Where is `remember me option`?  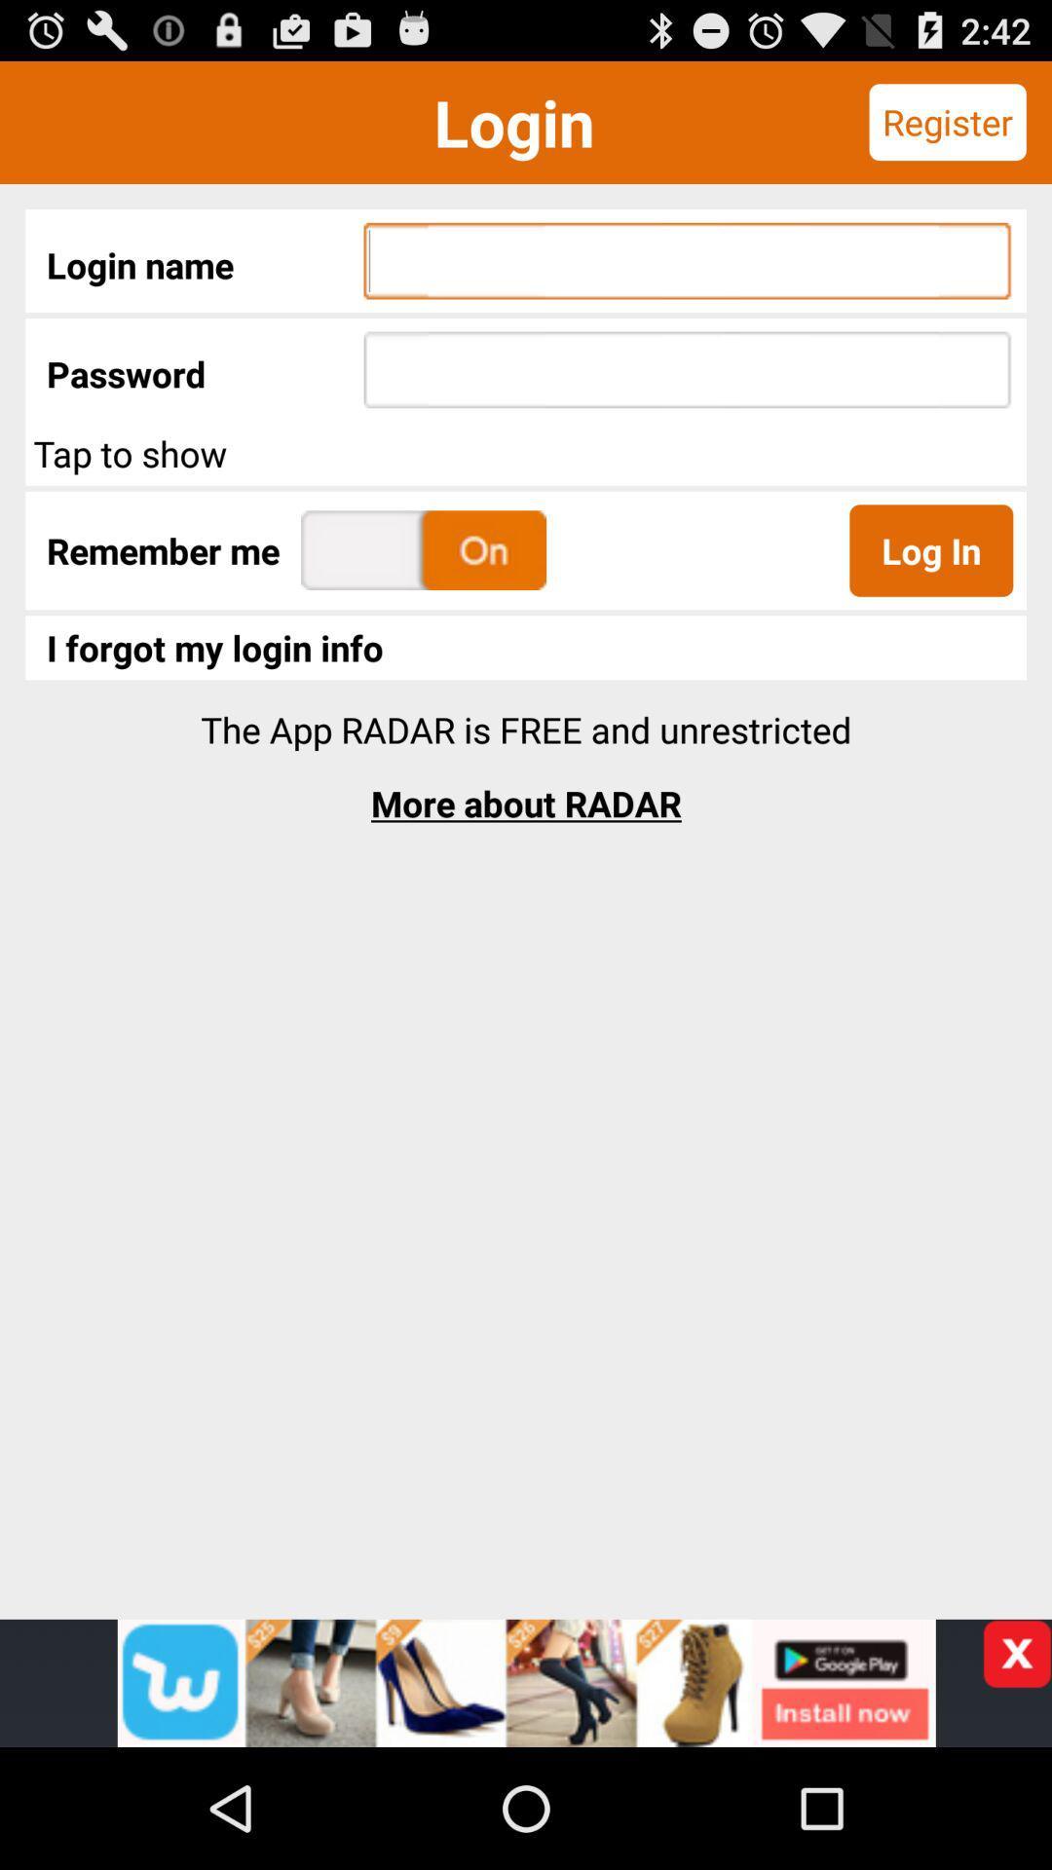
remember me option is located at coordinates (423, 549).